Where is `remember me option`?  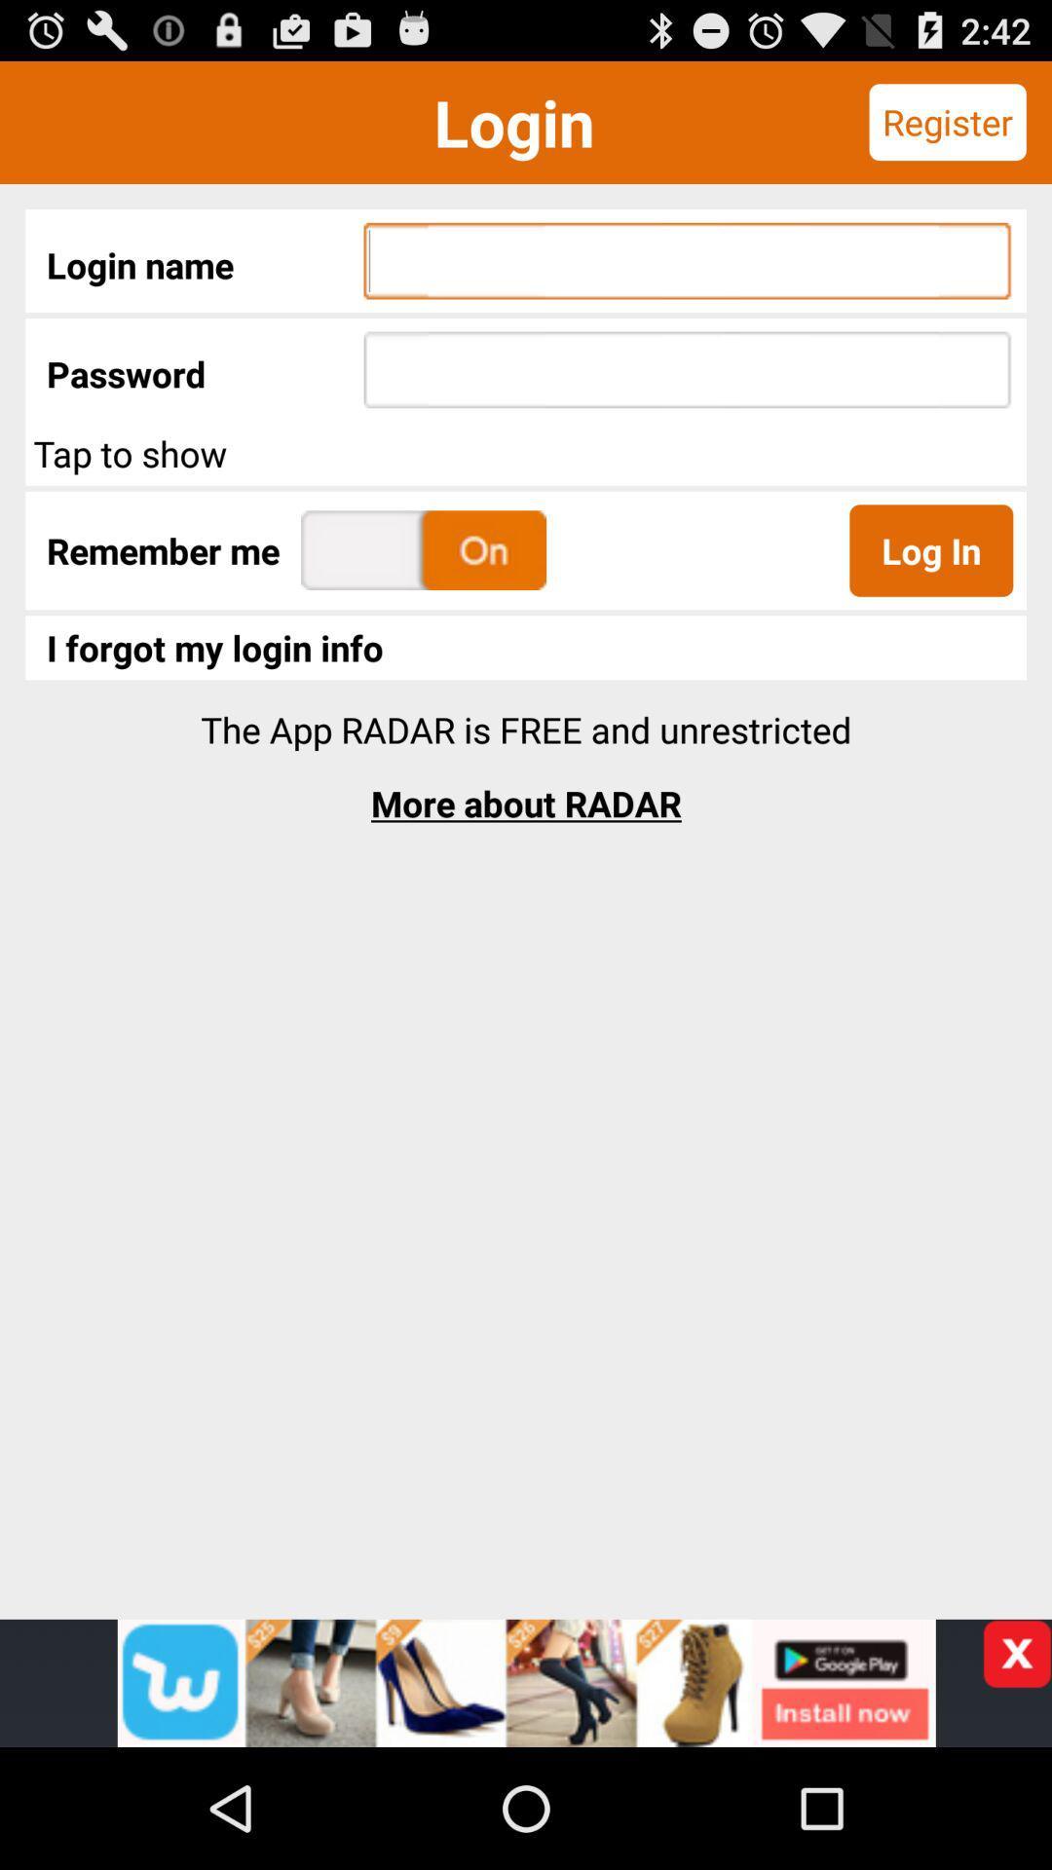
remember me option is located at coordinates (423, 549).